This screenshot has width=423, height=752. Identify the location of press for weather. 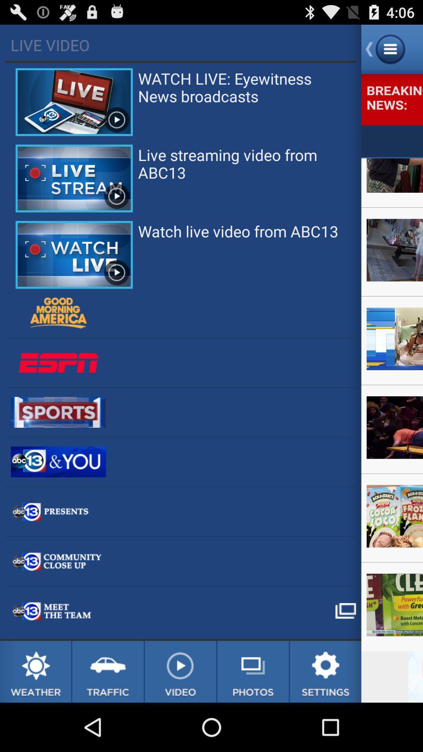
(35, 671).